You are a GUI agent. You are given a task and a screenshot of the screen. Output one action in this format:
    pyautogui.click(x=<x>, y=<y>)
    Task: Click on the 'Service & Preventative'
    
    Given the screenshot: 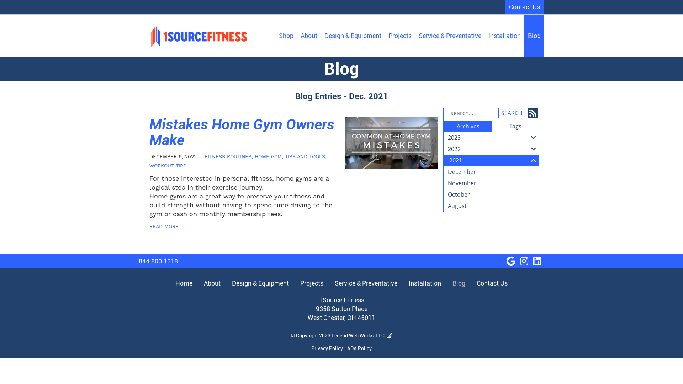 What is the action you would take?
    pyautogui.click(x=331, y=283)
    